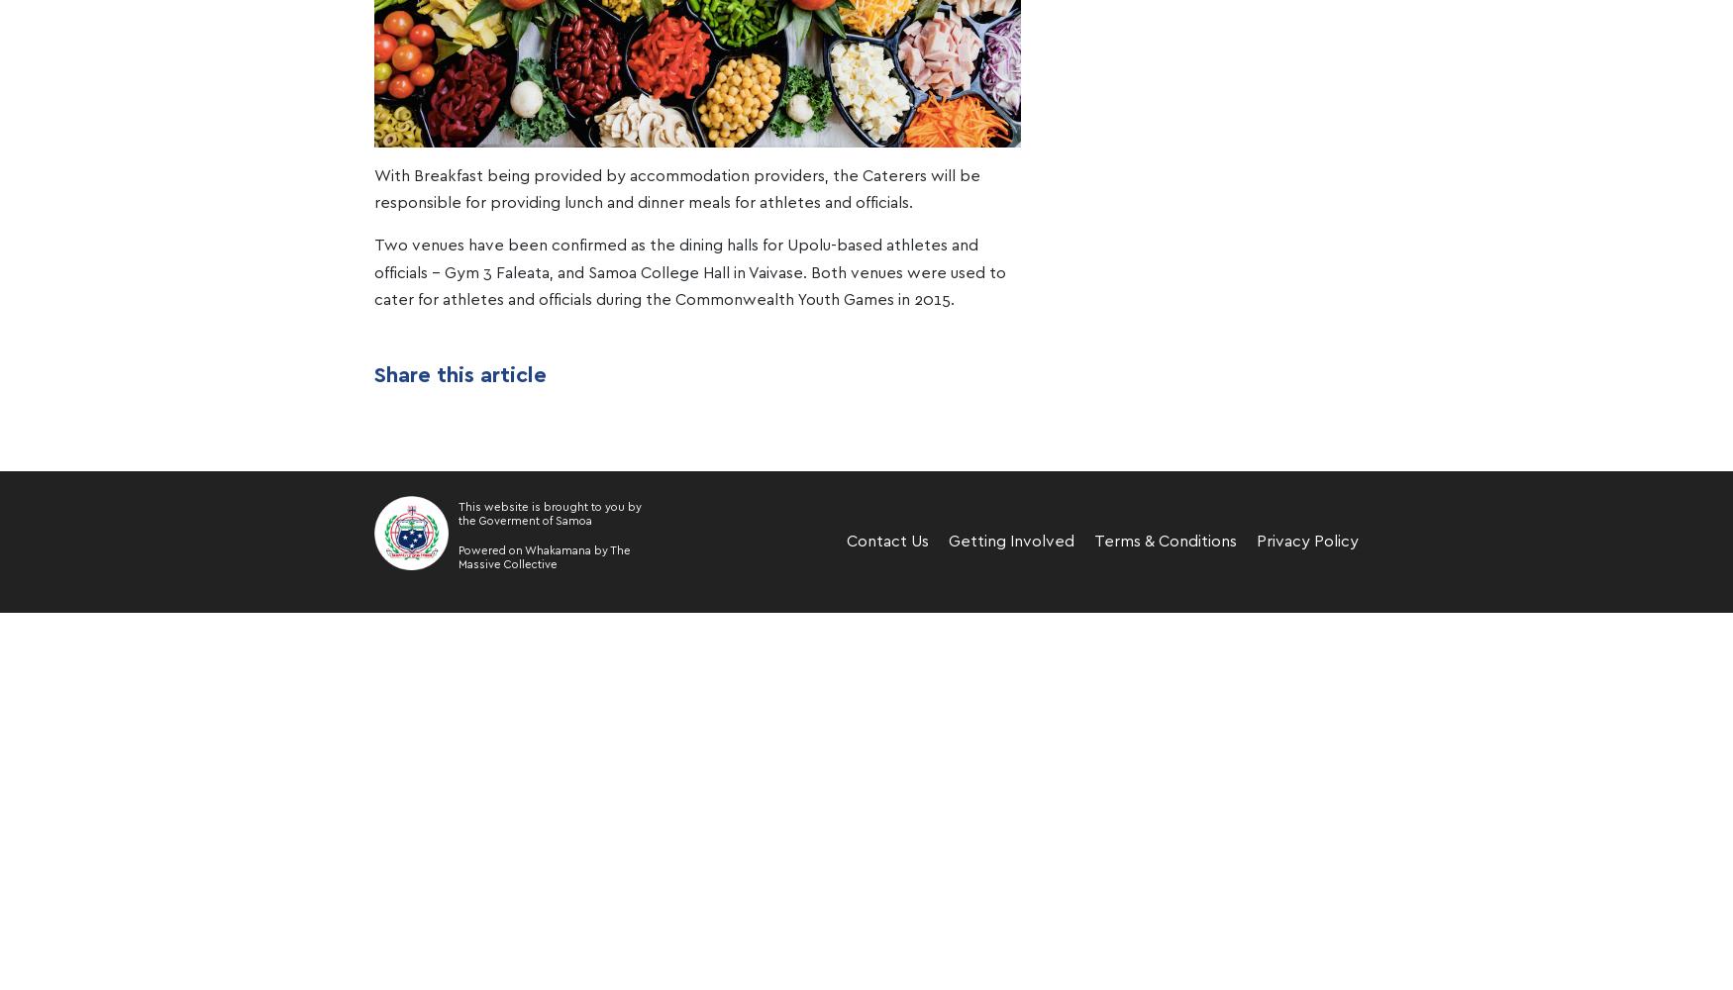  Describe the element at coordinates (1164, 542) in the screenshot. I see `'Terms & Conditions'` at that location.